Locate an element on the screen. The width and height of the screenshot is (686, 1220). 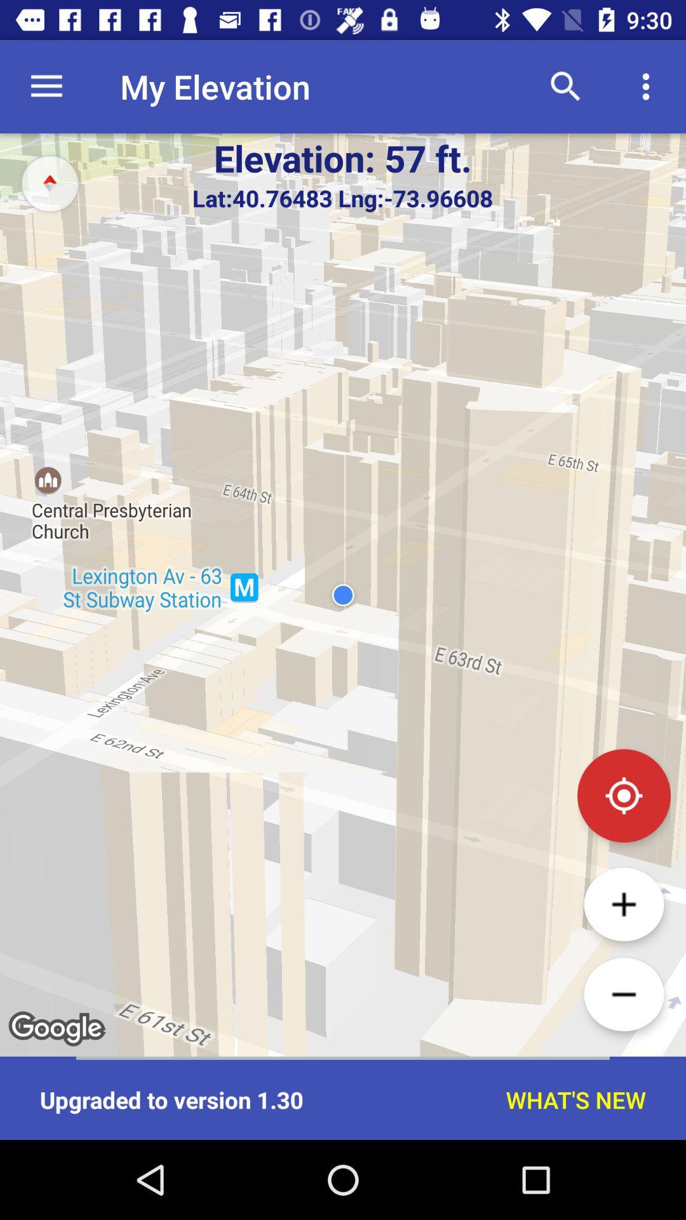
the location_crosshair icon is located at coordinates (623, 795).